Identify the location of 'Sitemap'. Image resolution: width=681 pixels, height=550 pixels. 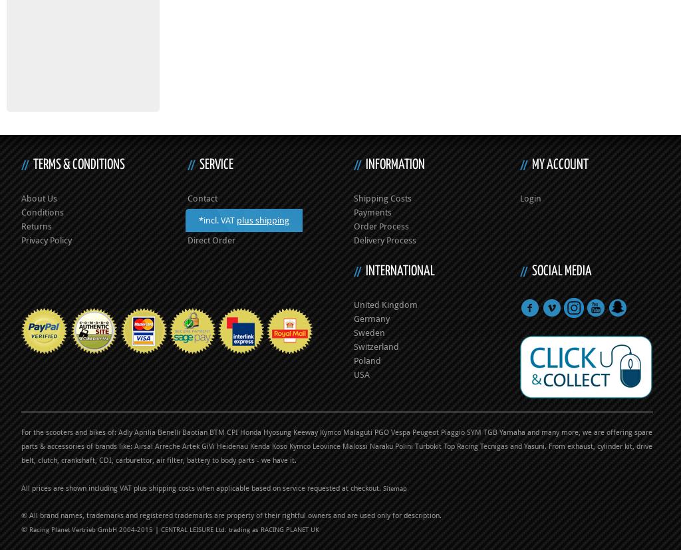
(394, 487).